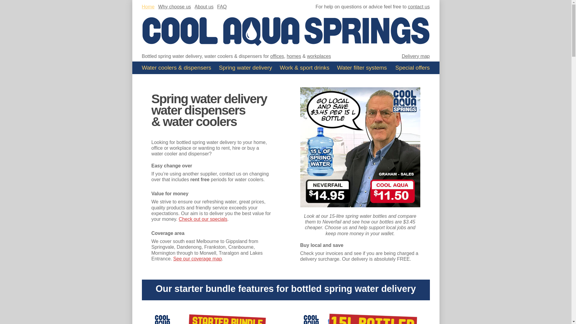 The image size is (576, 324). What do you see at coordinates (277, 56) in the screenshot?
I see `'offices'` at bounding box center [277, 56].